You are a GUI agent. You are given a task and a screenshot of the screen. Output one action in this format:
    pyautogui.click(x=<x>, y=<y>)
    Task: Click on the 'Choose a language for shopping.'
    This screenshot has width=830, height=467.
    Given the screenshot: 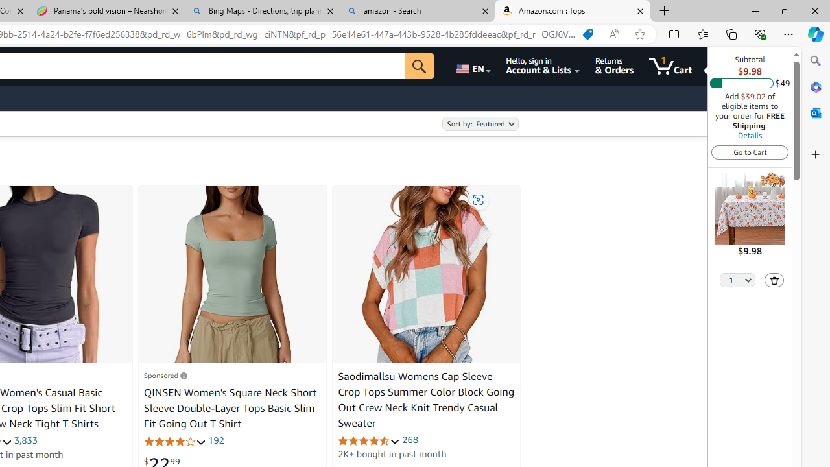 What is the action you would take?
    pyautogui.click(x=471, y=66)
    